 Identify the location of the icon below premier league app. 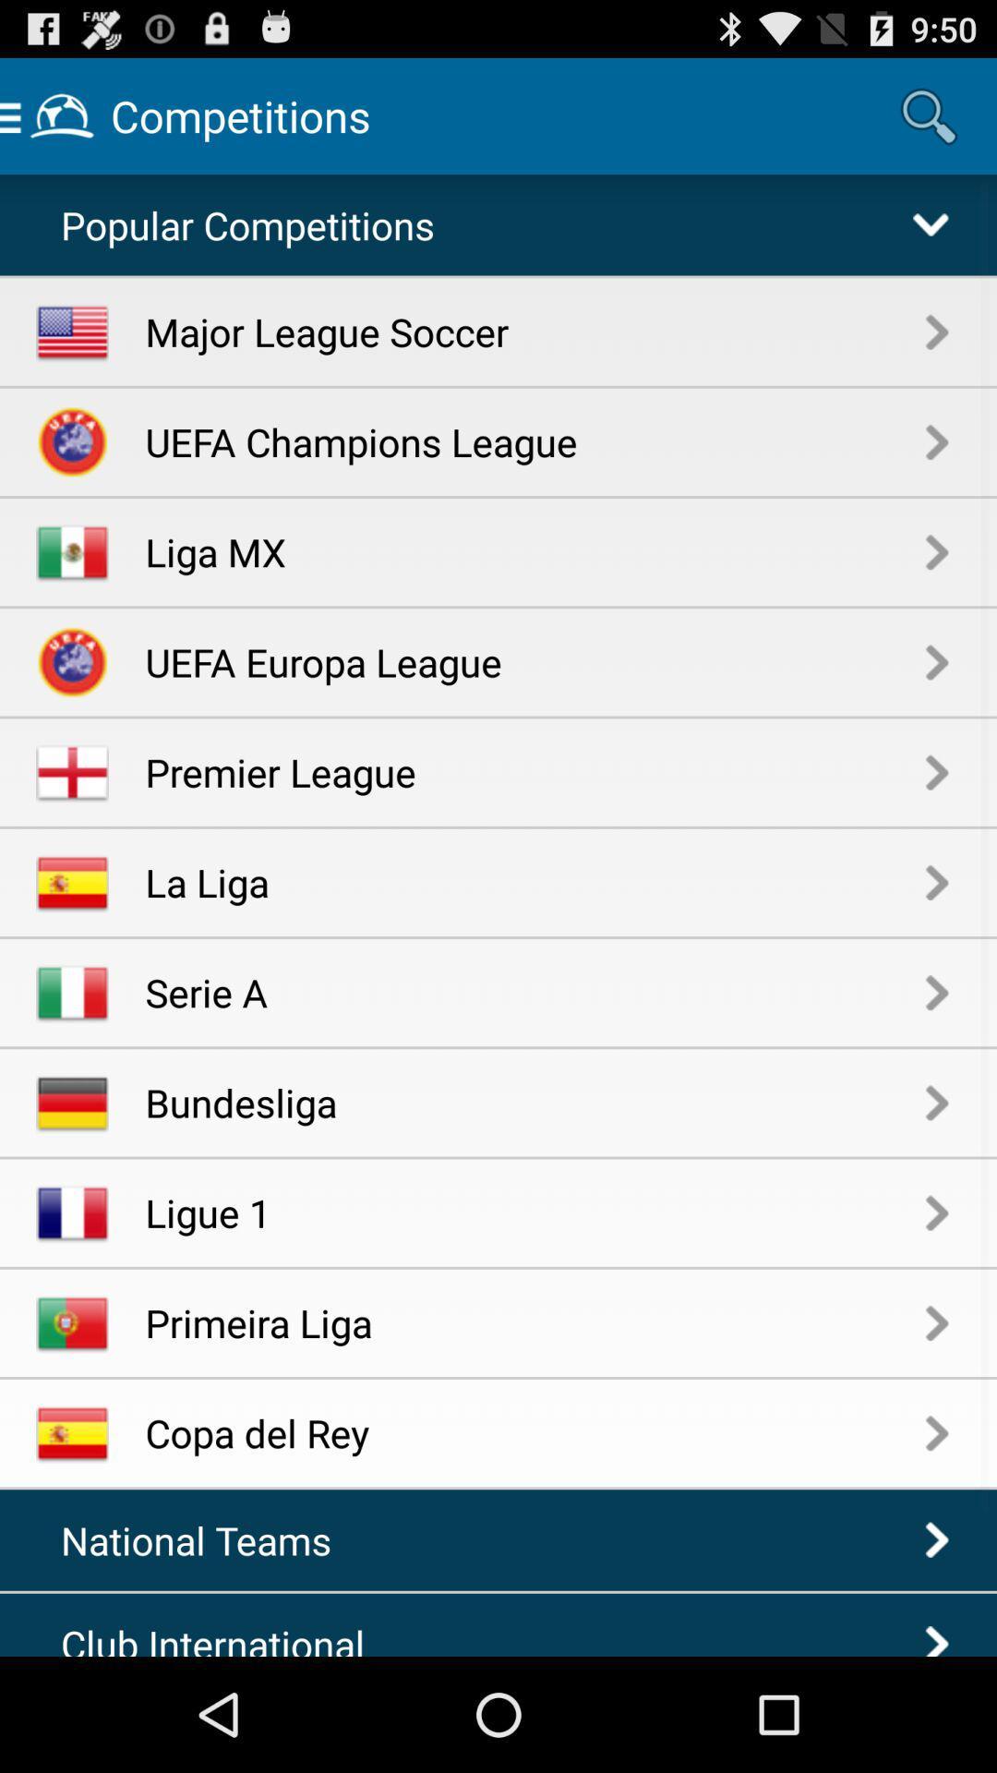
(535, 881).